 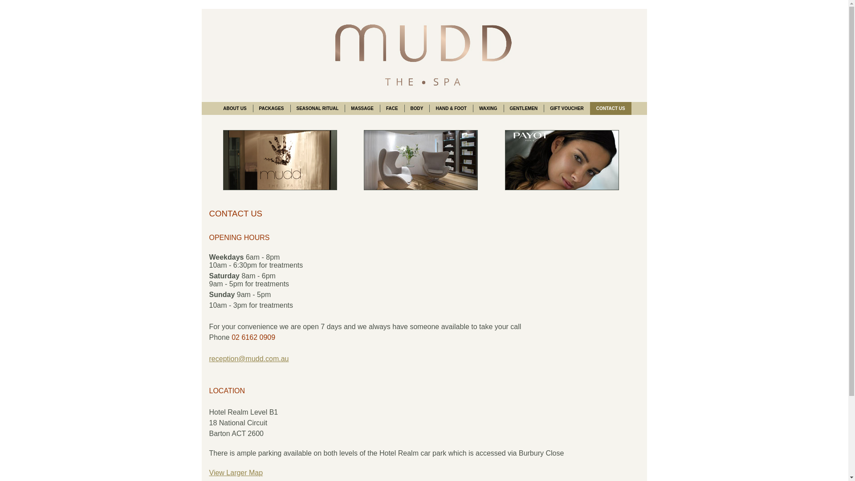 I want to click on 'View Larger Map', so click(x=209, y=472).